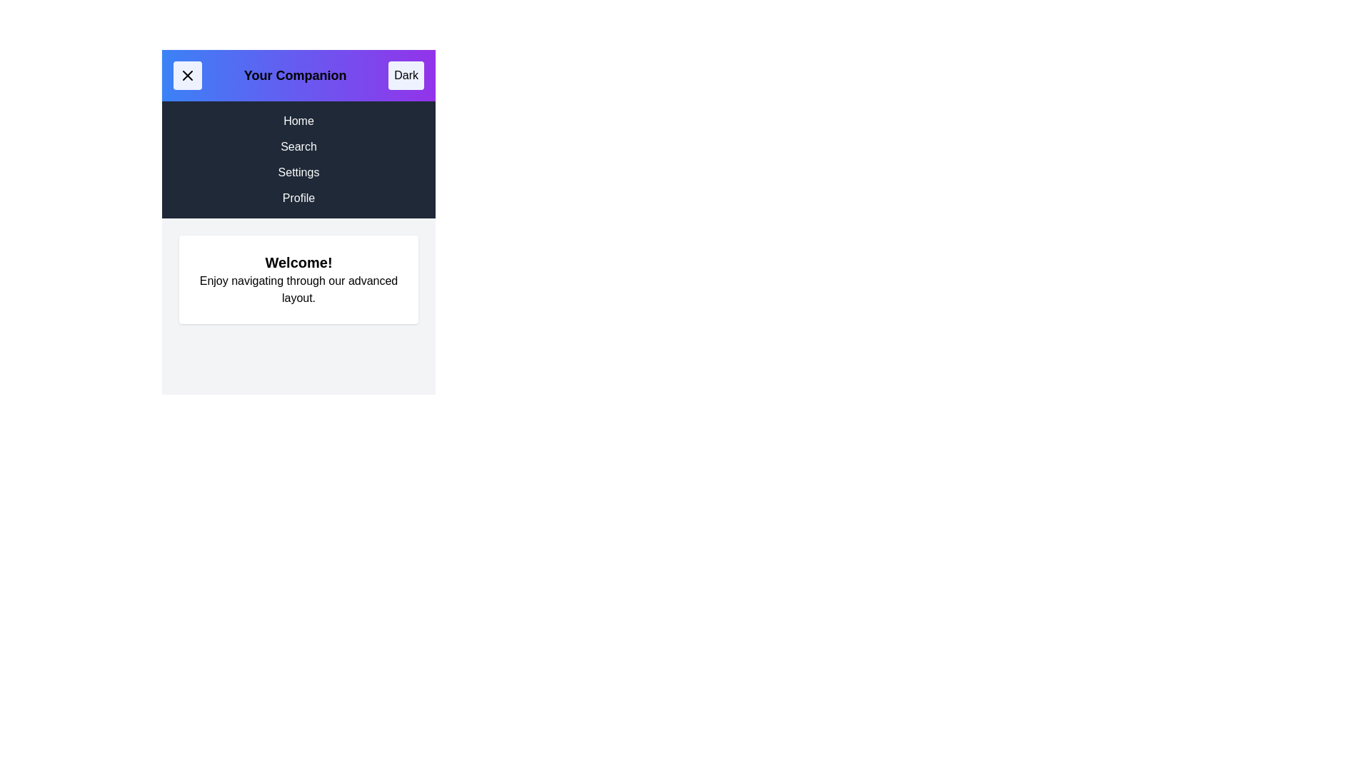 The image size is (1371, 771). Describe the element at coordinates (406, 75) in the screenshot. I see `the 'Dark' button to toggle the mode` at that location.